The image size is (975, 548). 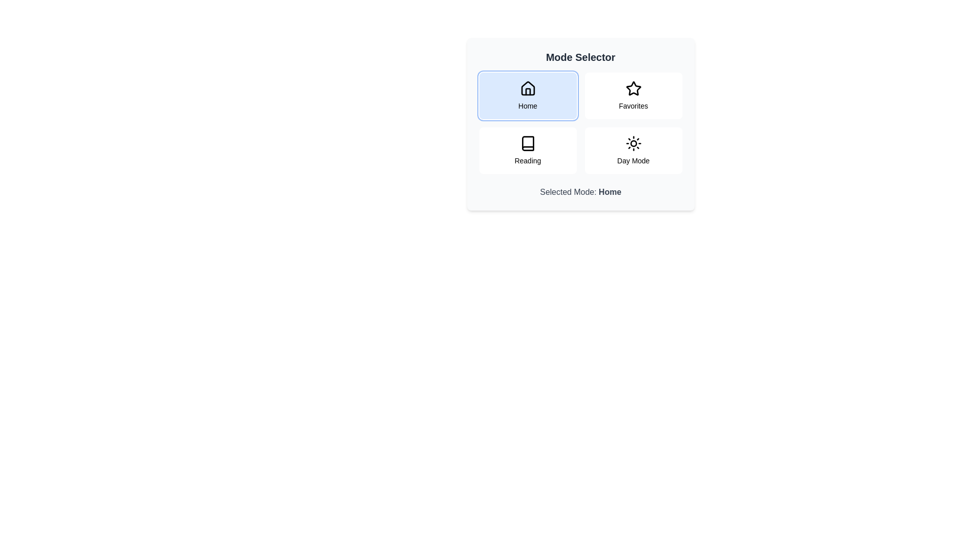 I want to click on the button corresponding to the mode Reading, so click(x=528, y=151).